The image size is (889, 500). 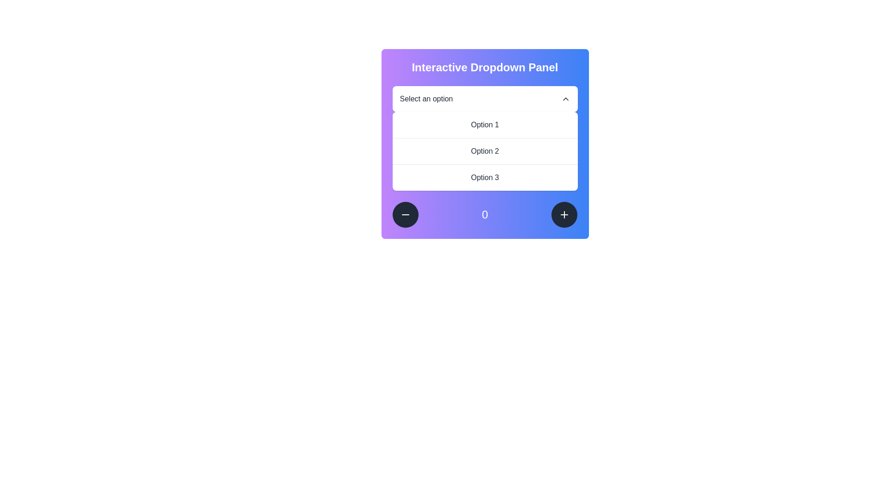 I want to click on the numeric display showing '0', which is styled with a 'text-2xl' class and located centrally between two circular buttons, so click(x=484, y=214).